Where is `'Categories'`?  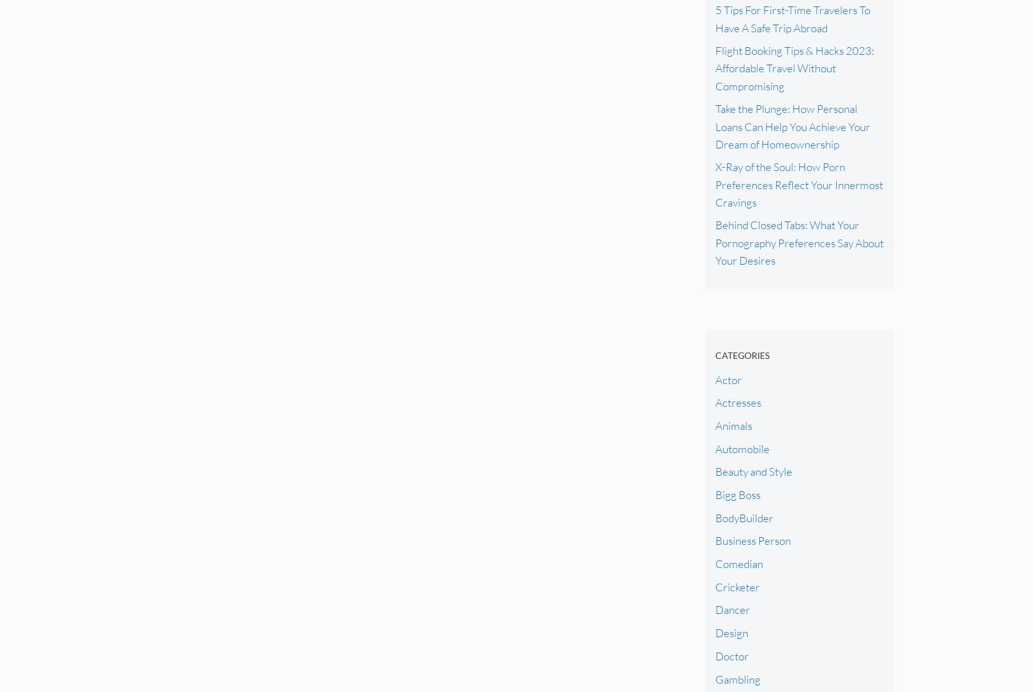
'Categories' is located at coordinates (741, 354).